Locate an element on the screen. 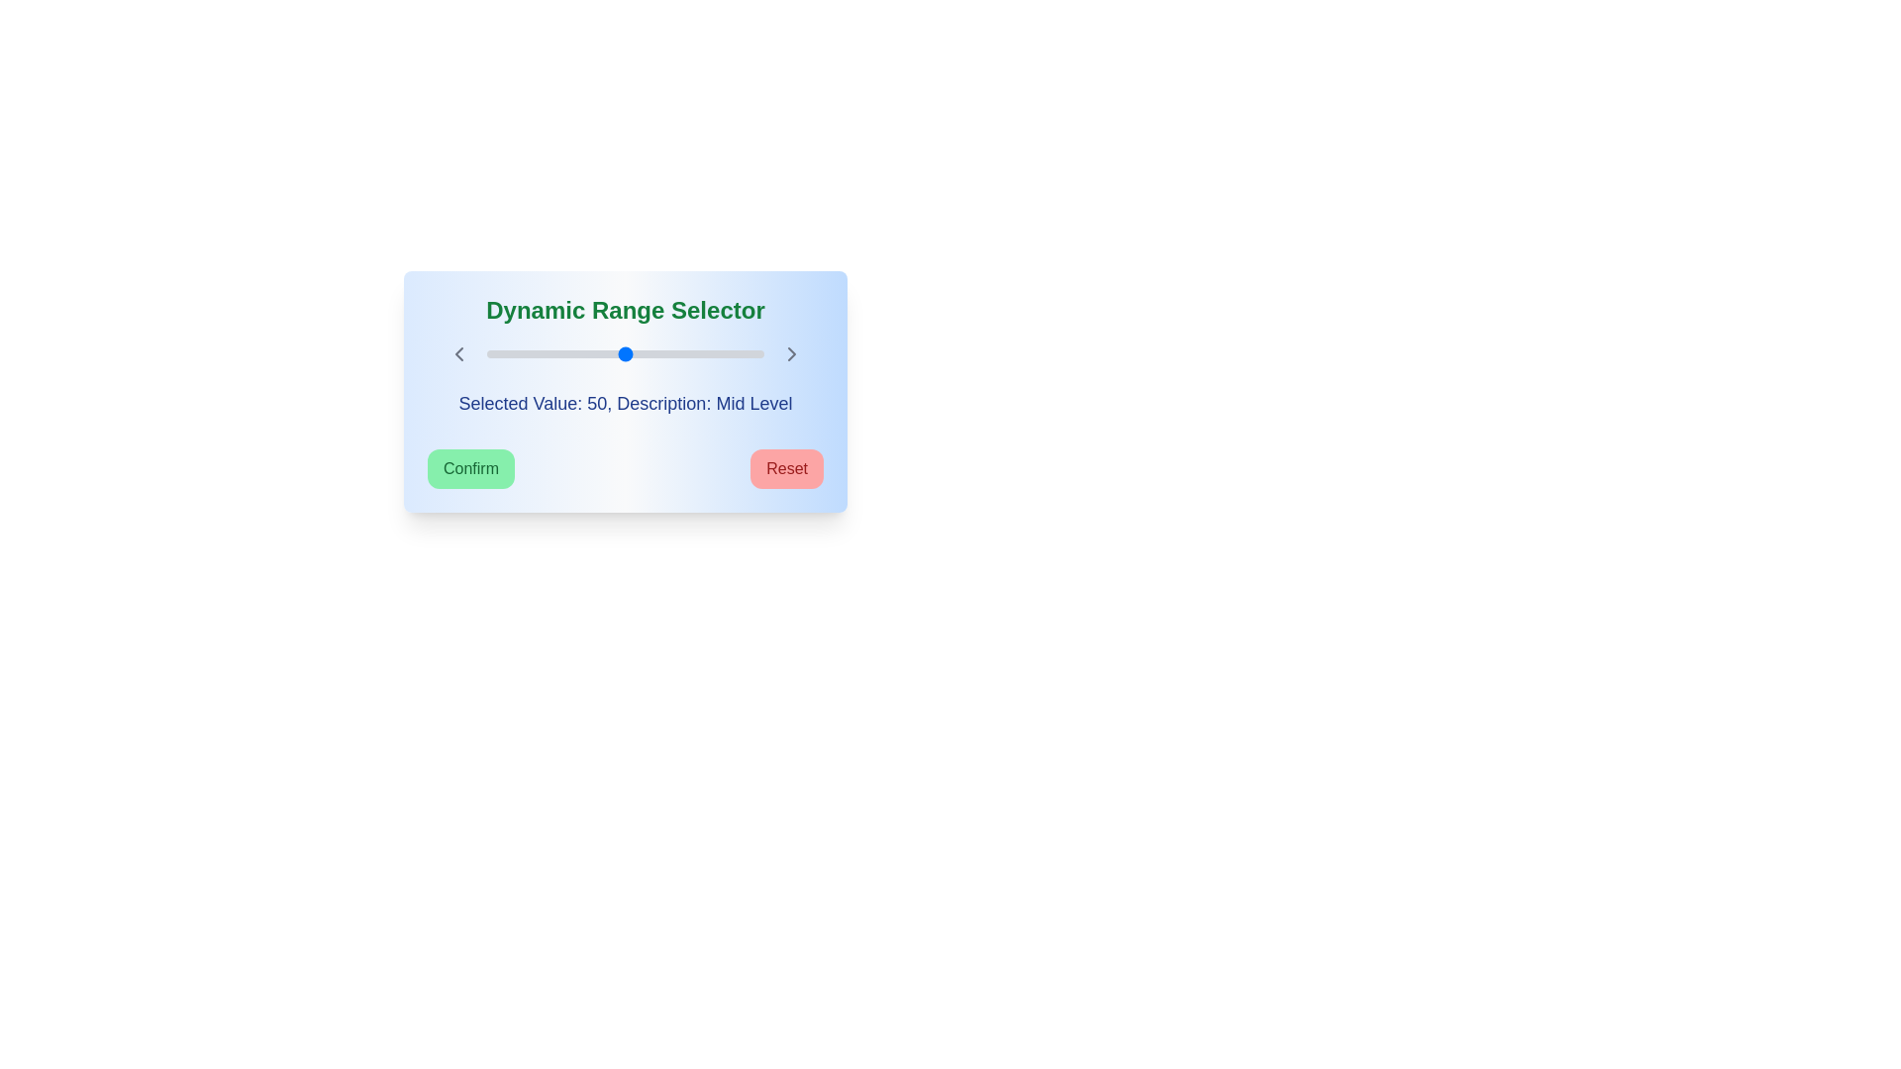 The image size is (1901, 1069). the slider is located at coordinates (571, 353).